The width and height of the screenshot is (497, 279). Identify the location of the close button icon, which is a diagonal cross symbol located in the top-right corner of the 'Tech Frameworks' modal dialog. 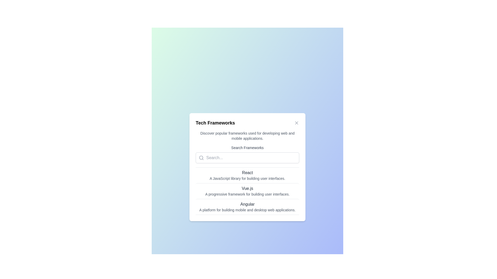
(297, 123).